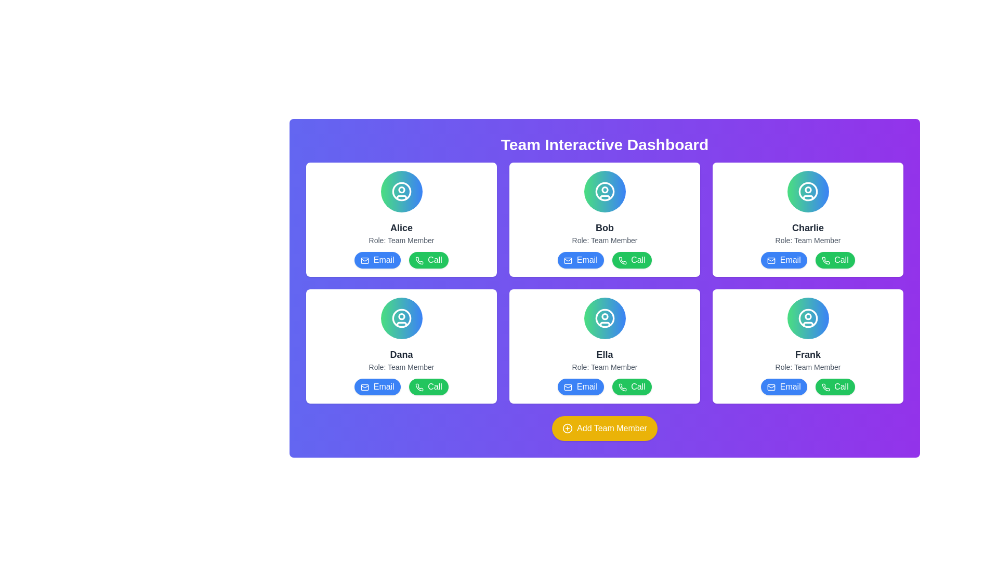 This screenshot has height=561, width=998. I want to click on the green 'Call' button with a phone icon located in the bottom-right corner of Frank's team member card, so click(835, 386).